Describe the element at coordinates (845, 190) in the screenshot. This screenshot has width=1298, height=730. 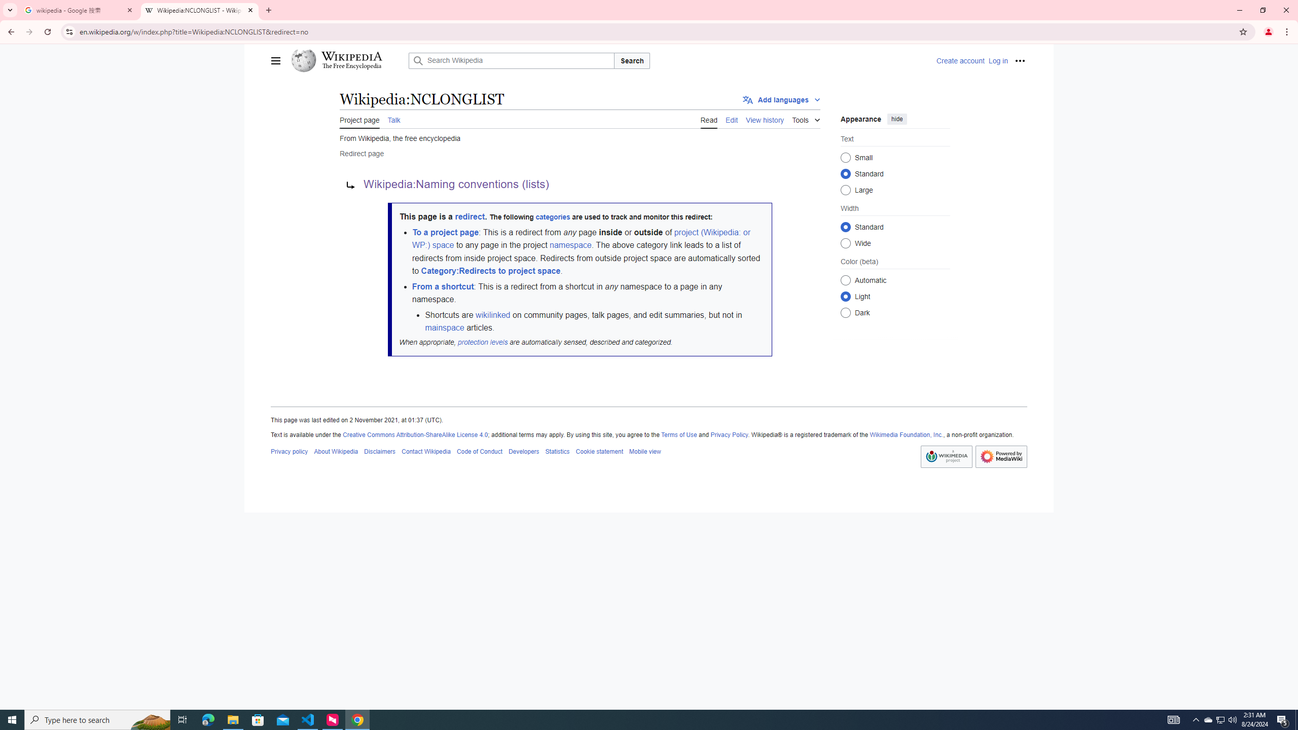
I see `'Large'` at that location.